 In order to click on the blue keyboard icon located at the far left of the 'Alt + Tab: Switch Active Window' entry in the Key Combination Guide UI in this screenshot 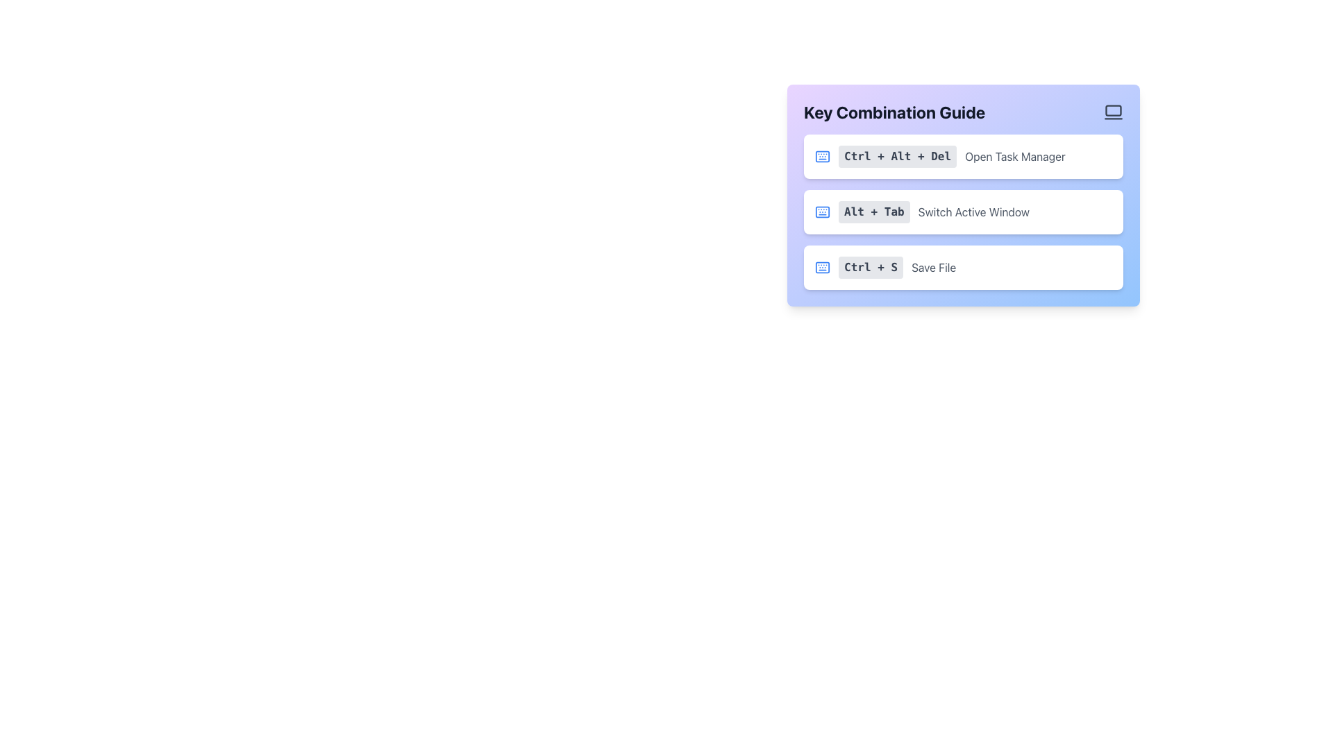, I will do `click(823, 212)`.